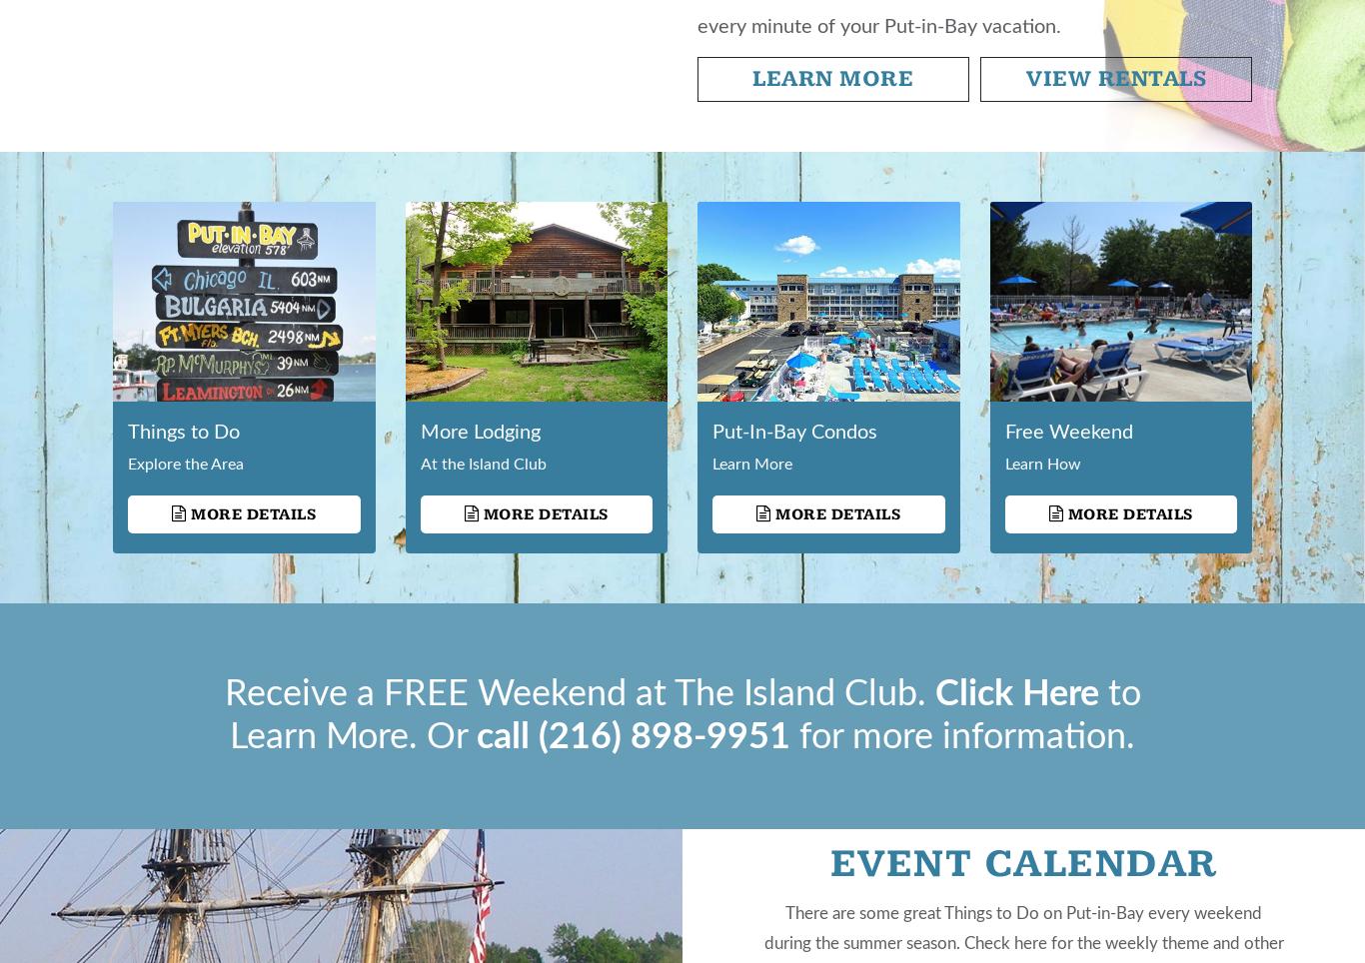 The height and width of the screenshot is (963, 1365). What do you see at coordinates (790, 736) in the screenshot?
I see `'for more information.'` at bounding box center [790, 736].